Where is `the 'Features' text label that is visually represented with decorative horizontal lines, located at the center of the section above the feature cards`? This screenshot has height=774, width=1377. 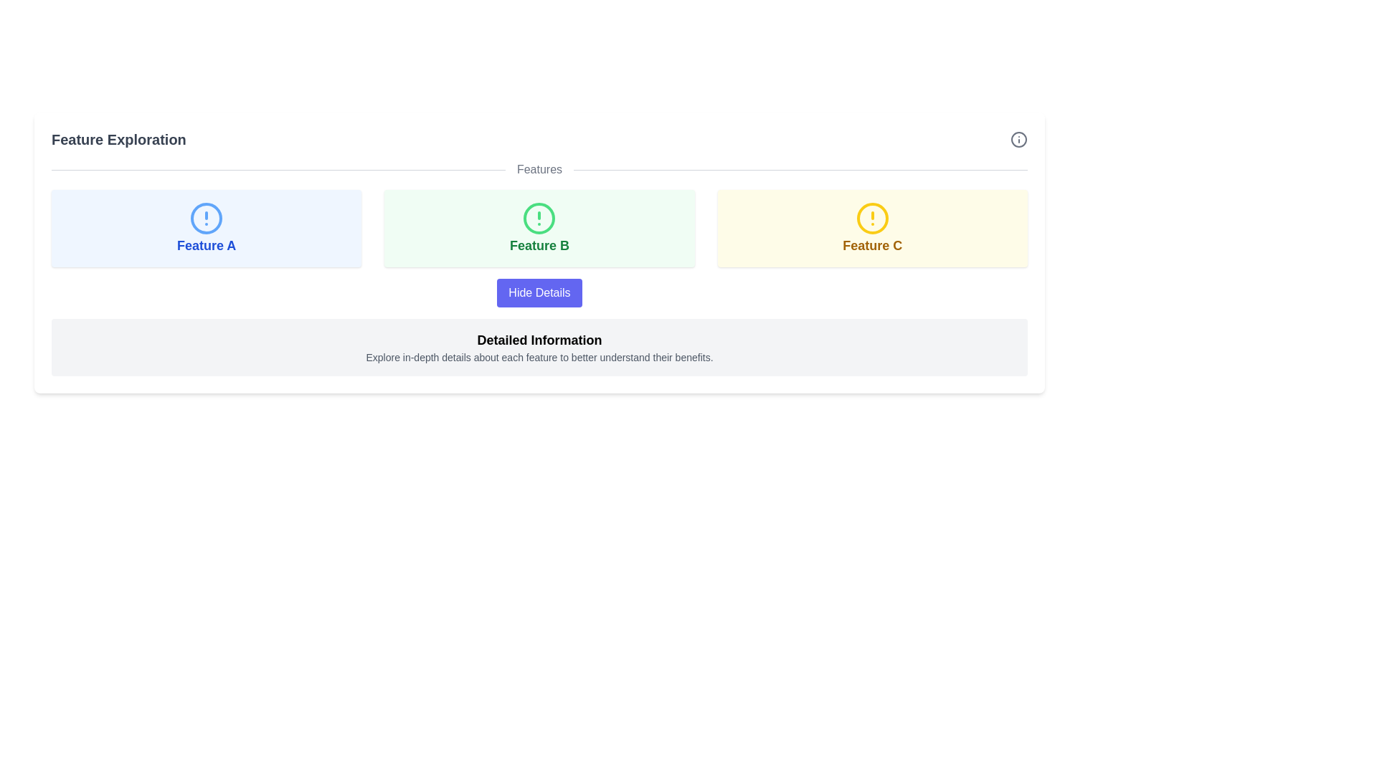
the 'Features' text label that is visually represented with decorative horizontal lines, located at the center of the section above the feature cards is located at coordinates (539, 168).